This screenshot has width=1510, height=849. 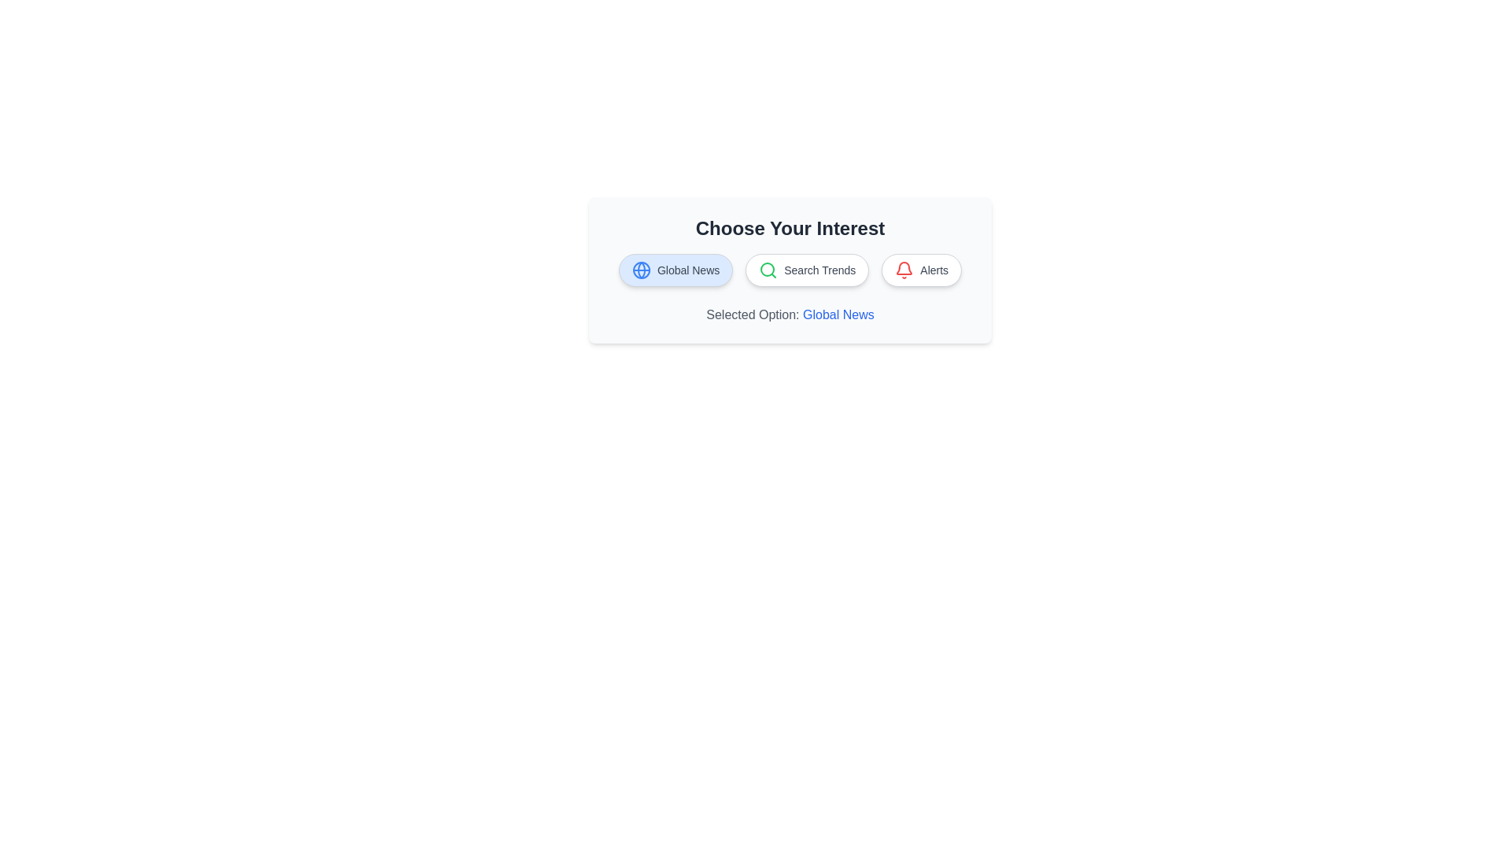 What do you see at coordinates (921, 269) in the screenshot?
I see `the chip labeled Alerts to update the selected option` at bounding box center [921, 269].